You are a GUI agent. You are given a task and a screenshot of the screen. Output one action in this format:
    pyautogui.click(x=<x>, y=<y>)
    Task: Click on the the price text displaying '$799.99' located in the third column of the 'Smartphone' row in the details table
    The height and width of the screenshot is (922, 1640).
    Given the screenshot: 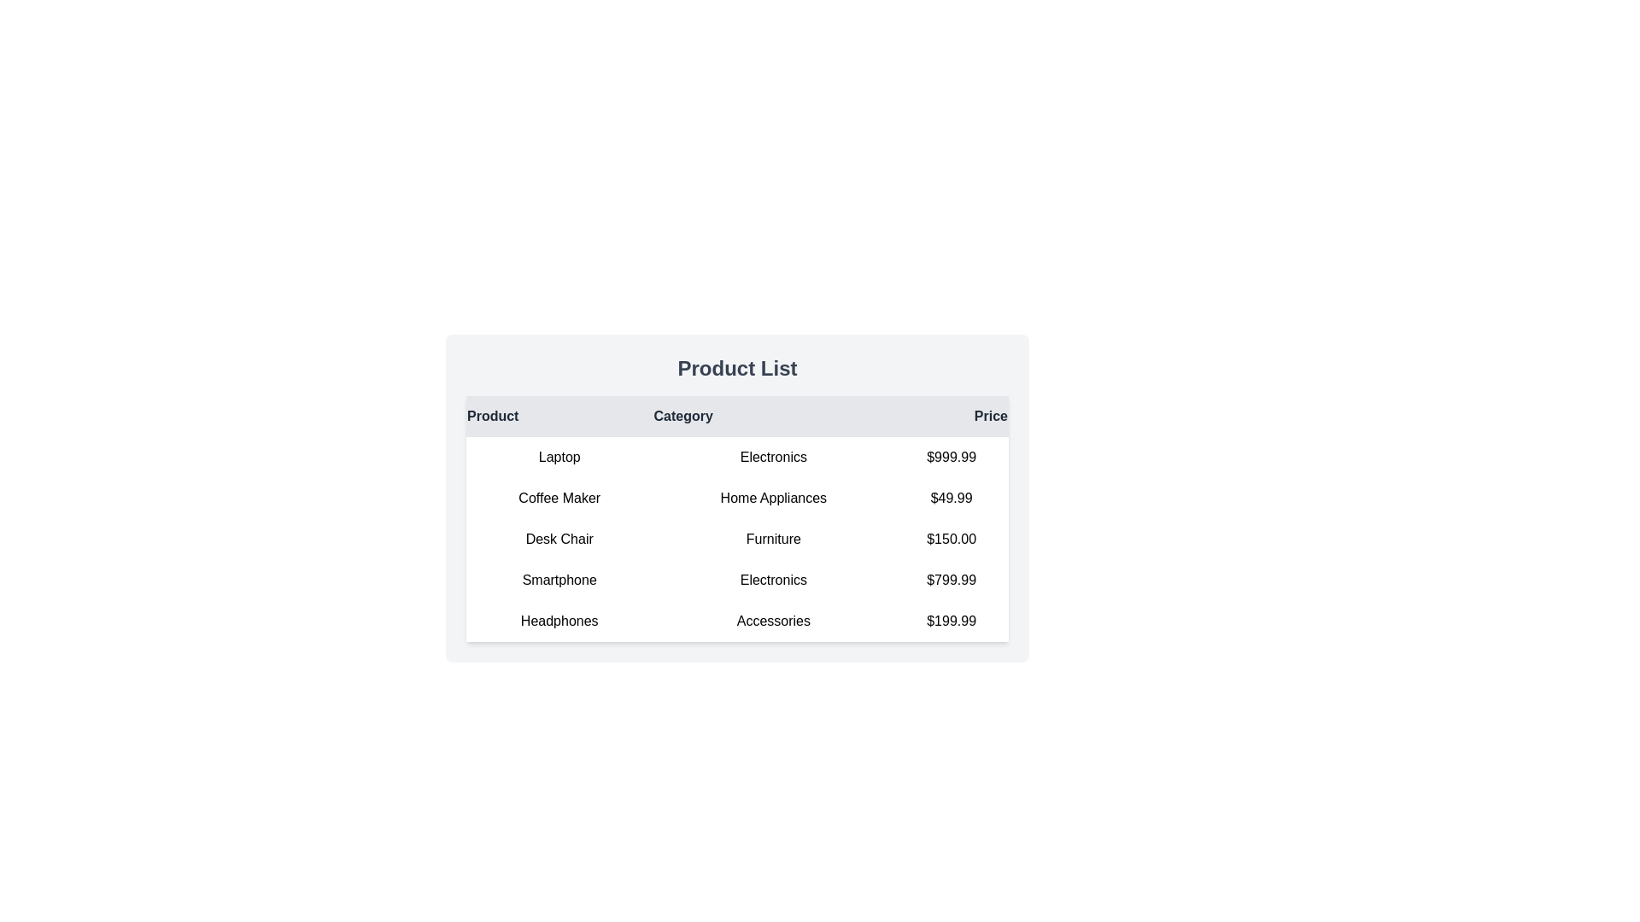 What is the action you would take?
    pyautogui.click(x=951, y=579)
    